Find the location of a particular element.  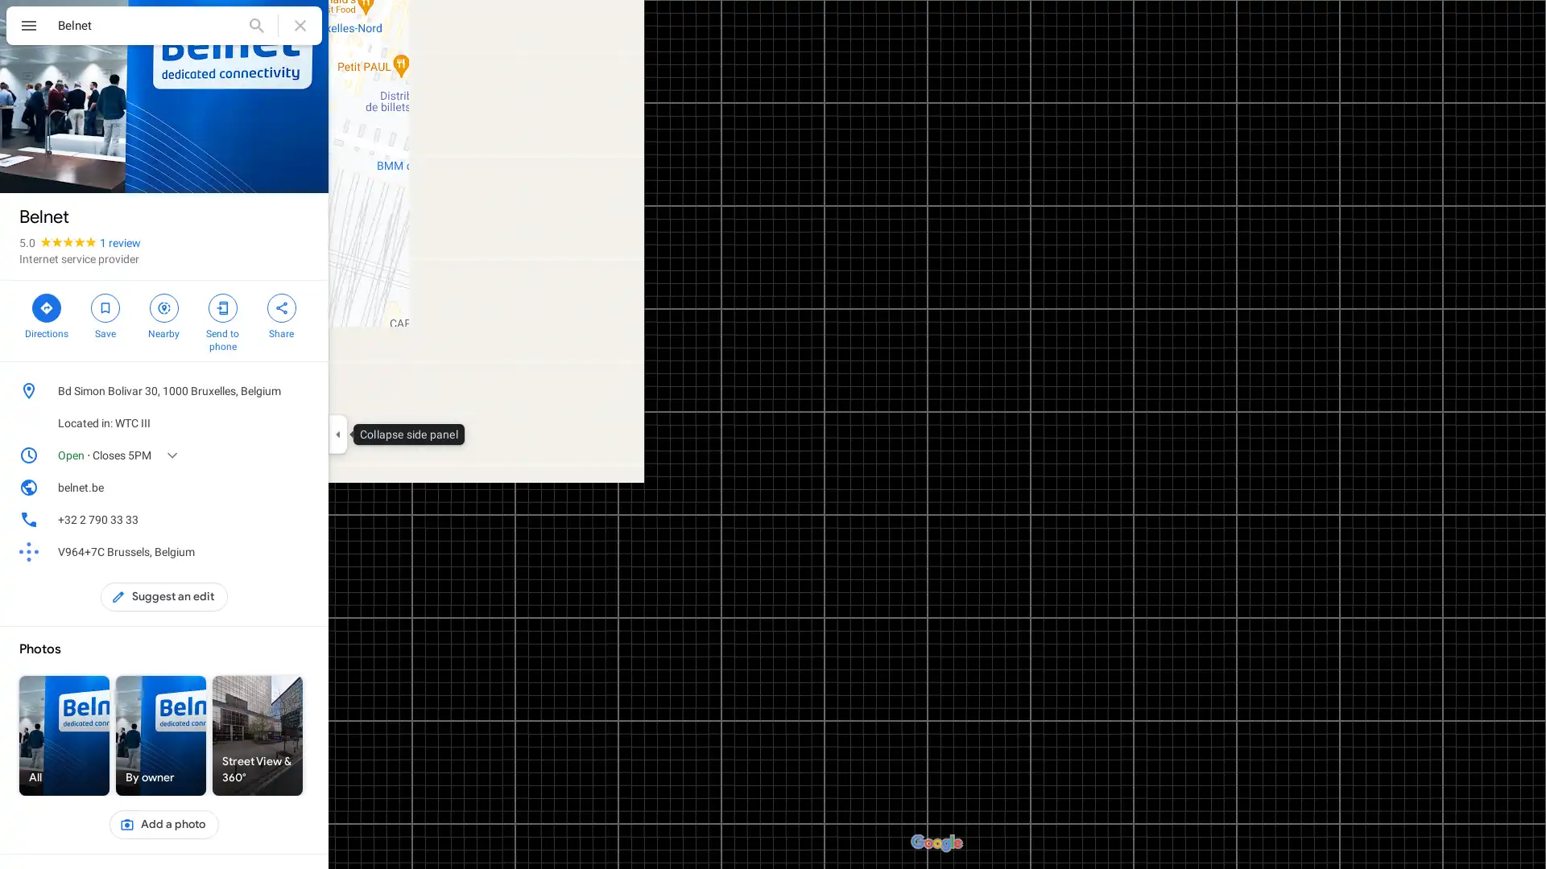

Menu is located at coordinates (28, 27).